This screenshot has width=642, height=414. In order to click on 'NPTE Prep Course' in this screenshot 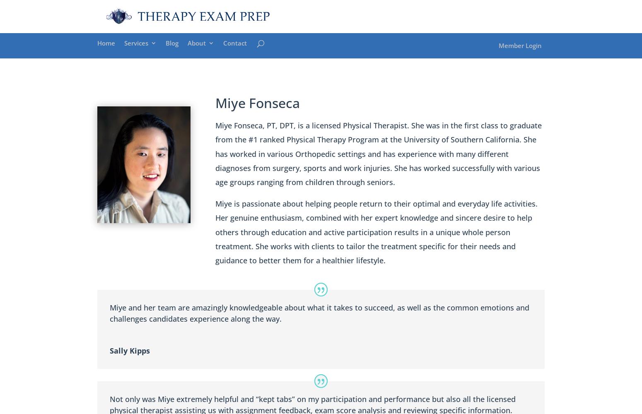, I will do `click(167, 76)`.